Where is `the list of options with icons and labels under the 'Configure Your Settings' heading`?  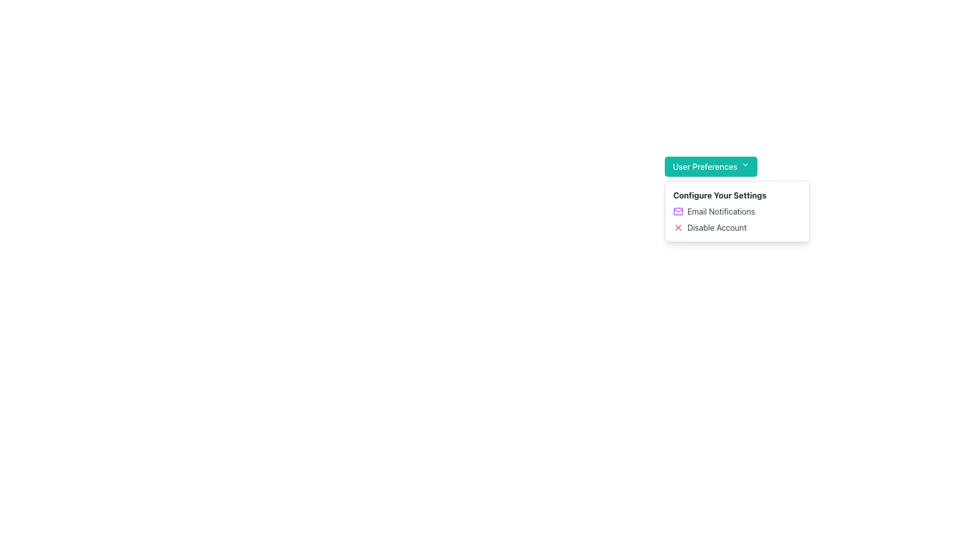
the list of options with icons and labels under the 'Configure Your Settings' heading is located at coordinates (737, 219).